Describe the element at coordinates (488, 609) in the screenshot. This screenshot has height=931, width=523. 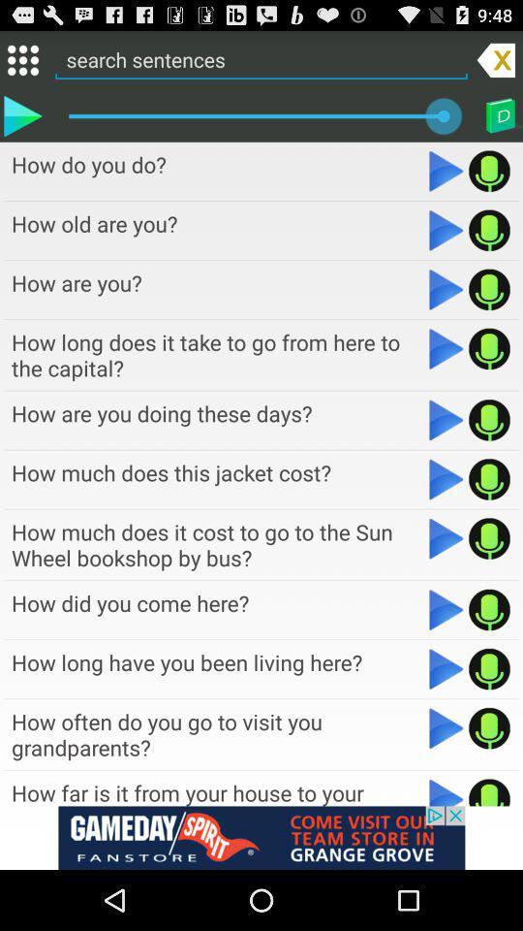
I see `record audio` at that location.